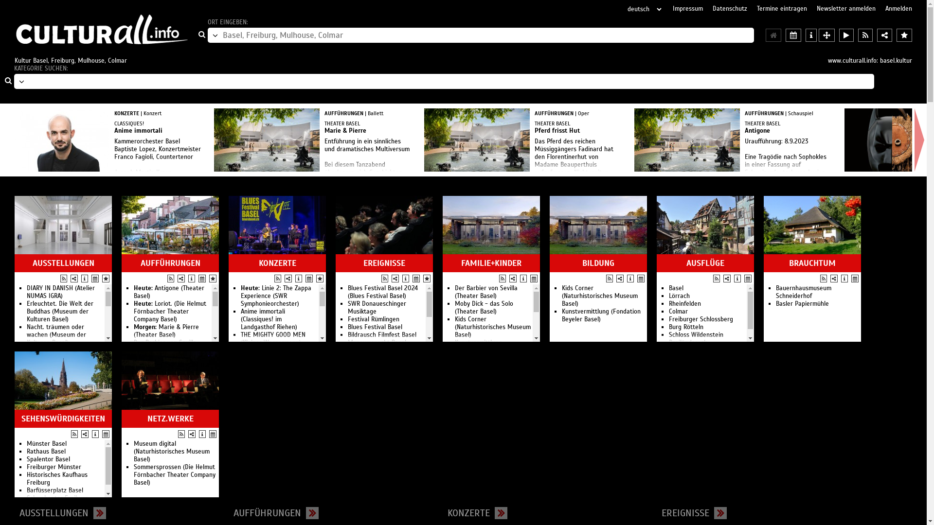 This screenshot has height=525, width=934. I want to click on 'Morgen: Marie & Pierre (Theater Basel)', so click(166, 331).